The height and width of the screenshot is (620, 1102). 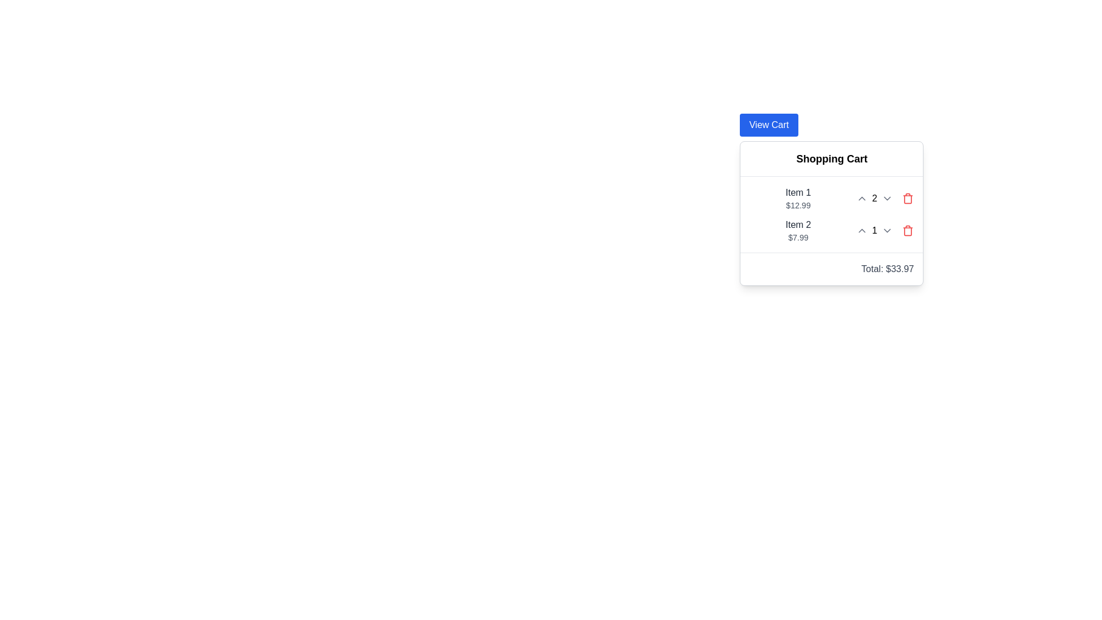 What do you see at coordinates (832, 159) in the screenshot?
I see `bold text label 'Shopping Cart' that is centrally aligned near the upper section of the floating panel, situated below the 'View Cart' button` at bounding box center [832, 159].